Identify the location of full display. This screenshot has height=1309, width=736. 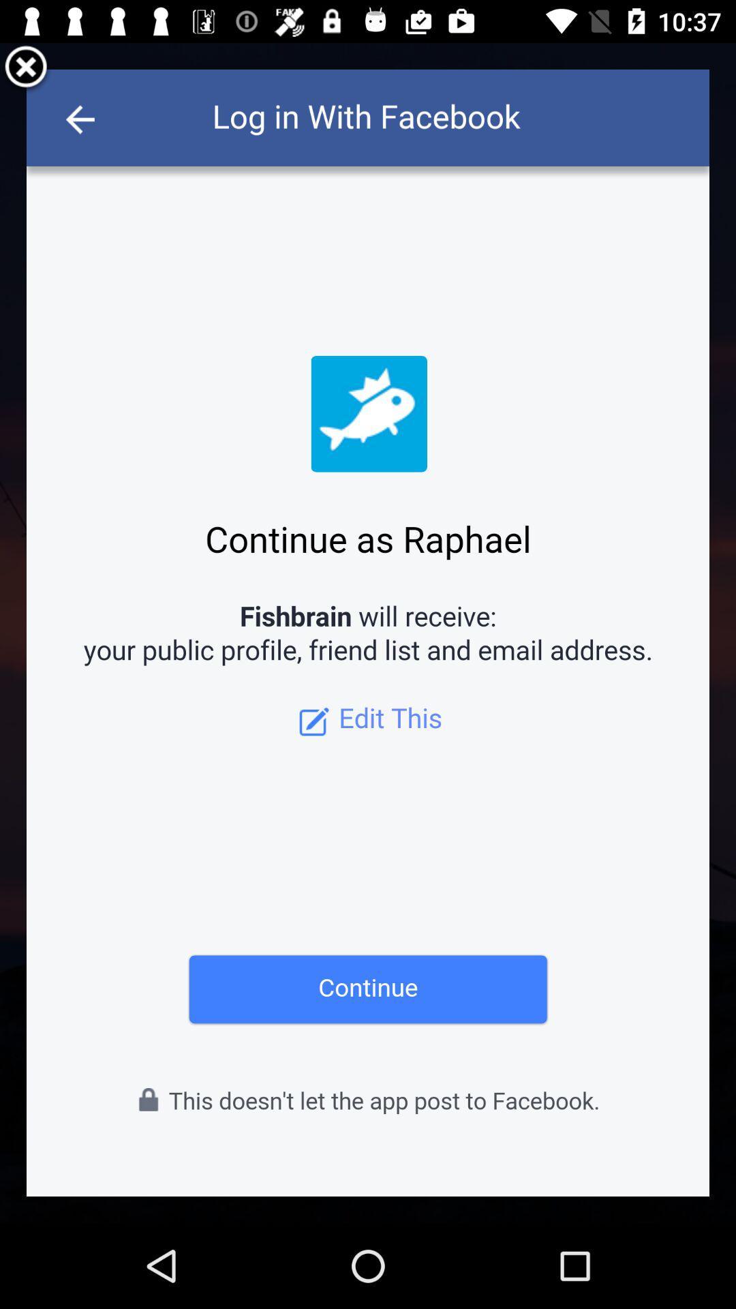
(368, 632).